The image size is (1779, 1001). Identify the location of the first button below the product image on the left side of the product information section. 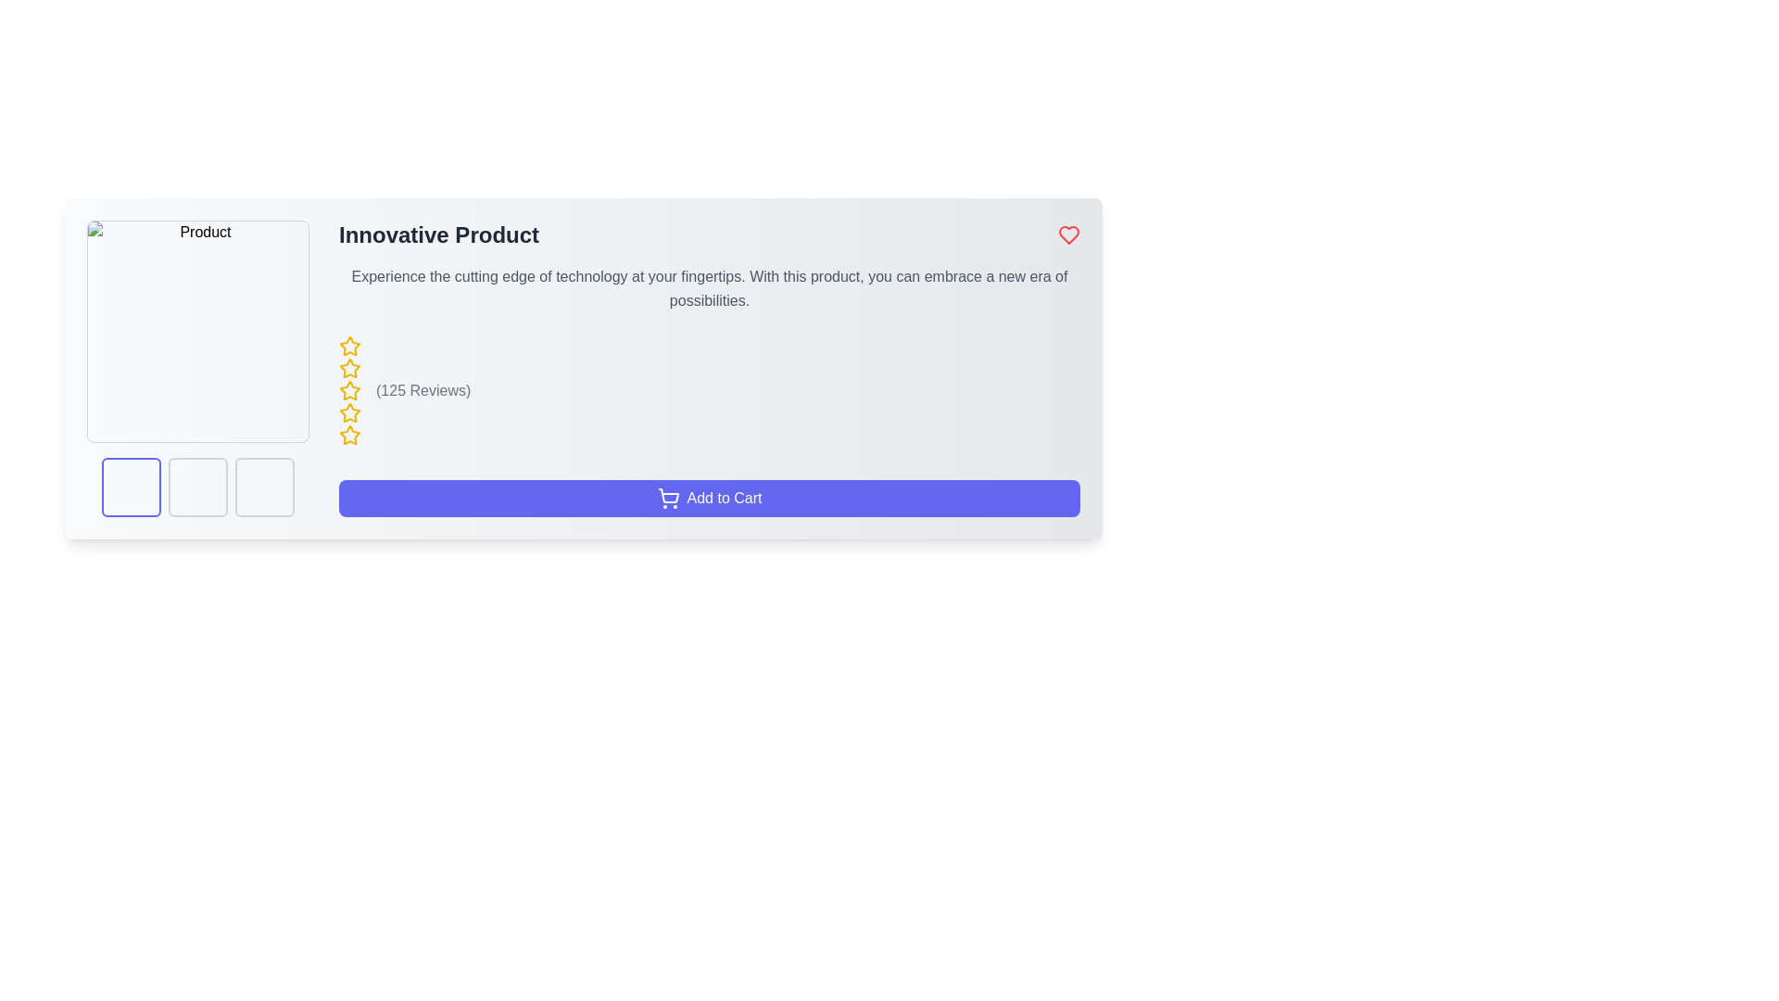
(131, 486).